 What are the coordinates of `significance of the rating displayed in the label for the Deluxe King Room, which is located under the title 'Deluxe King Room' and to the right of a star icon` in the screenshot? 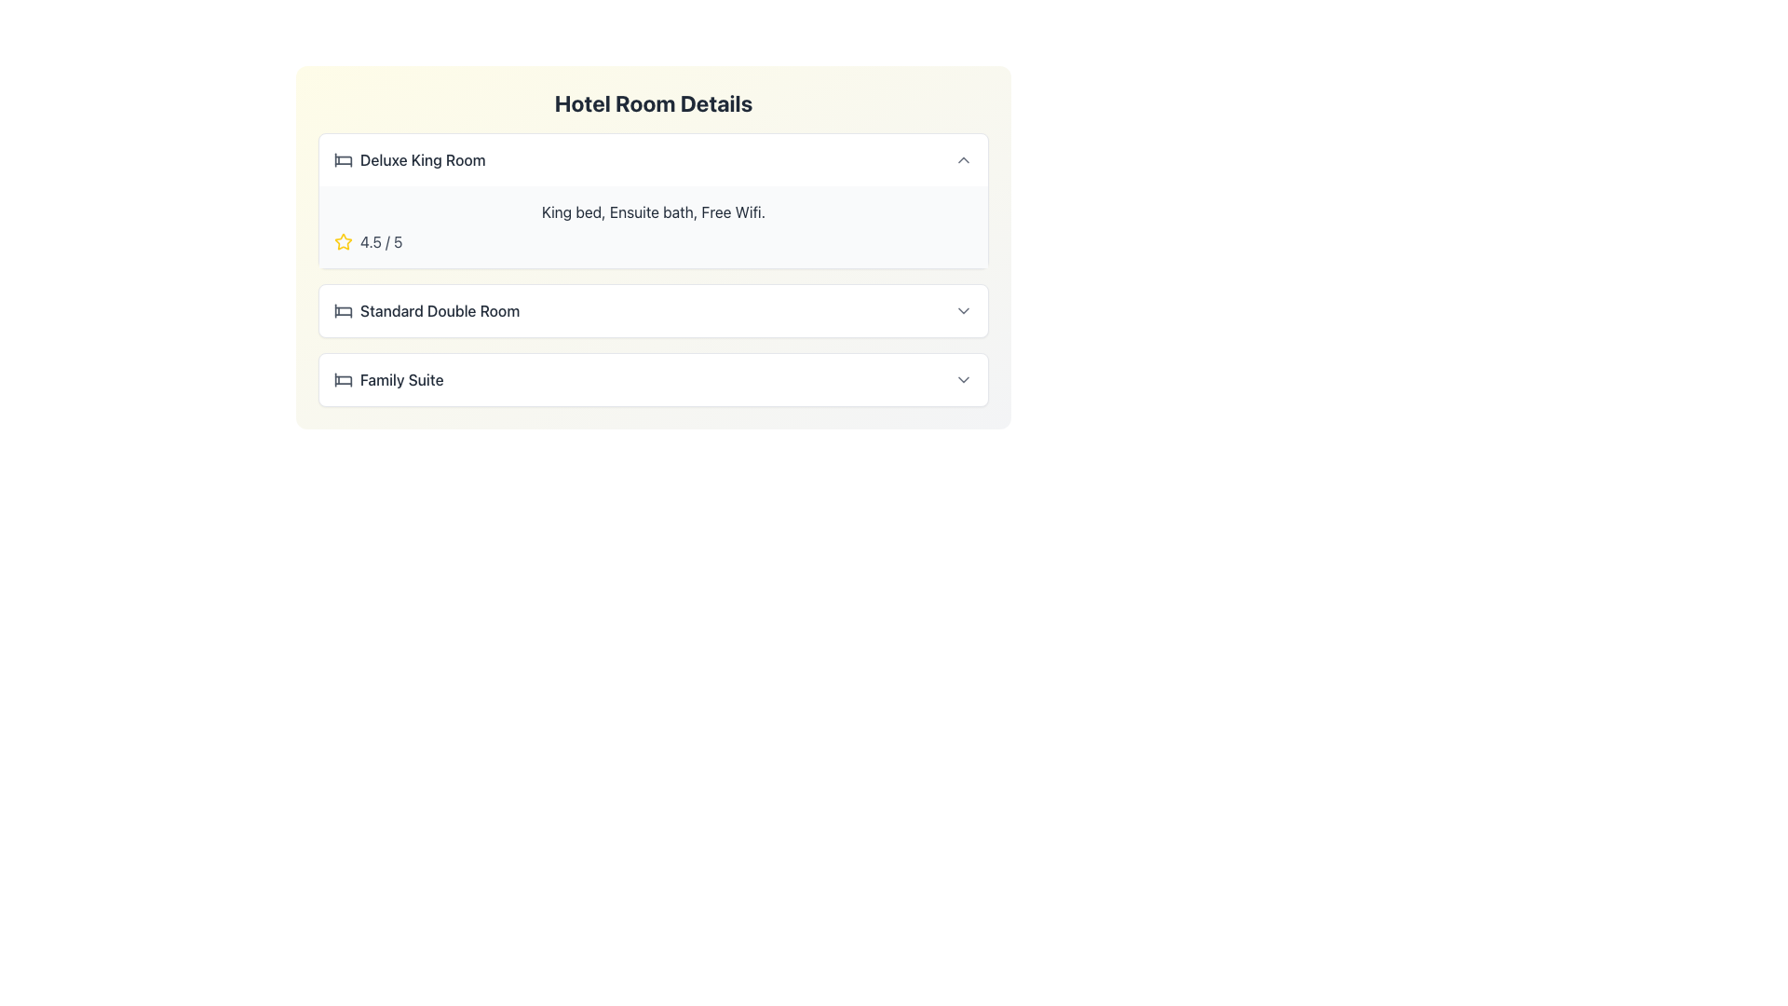 It's located at (380, 240).